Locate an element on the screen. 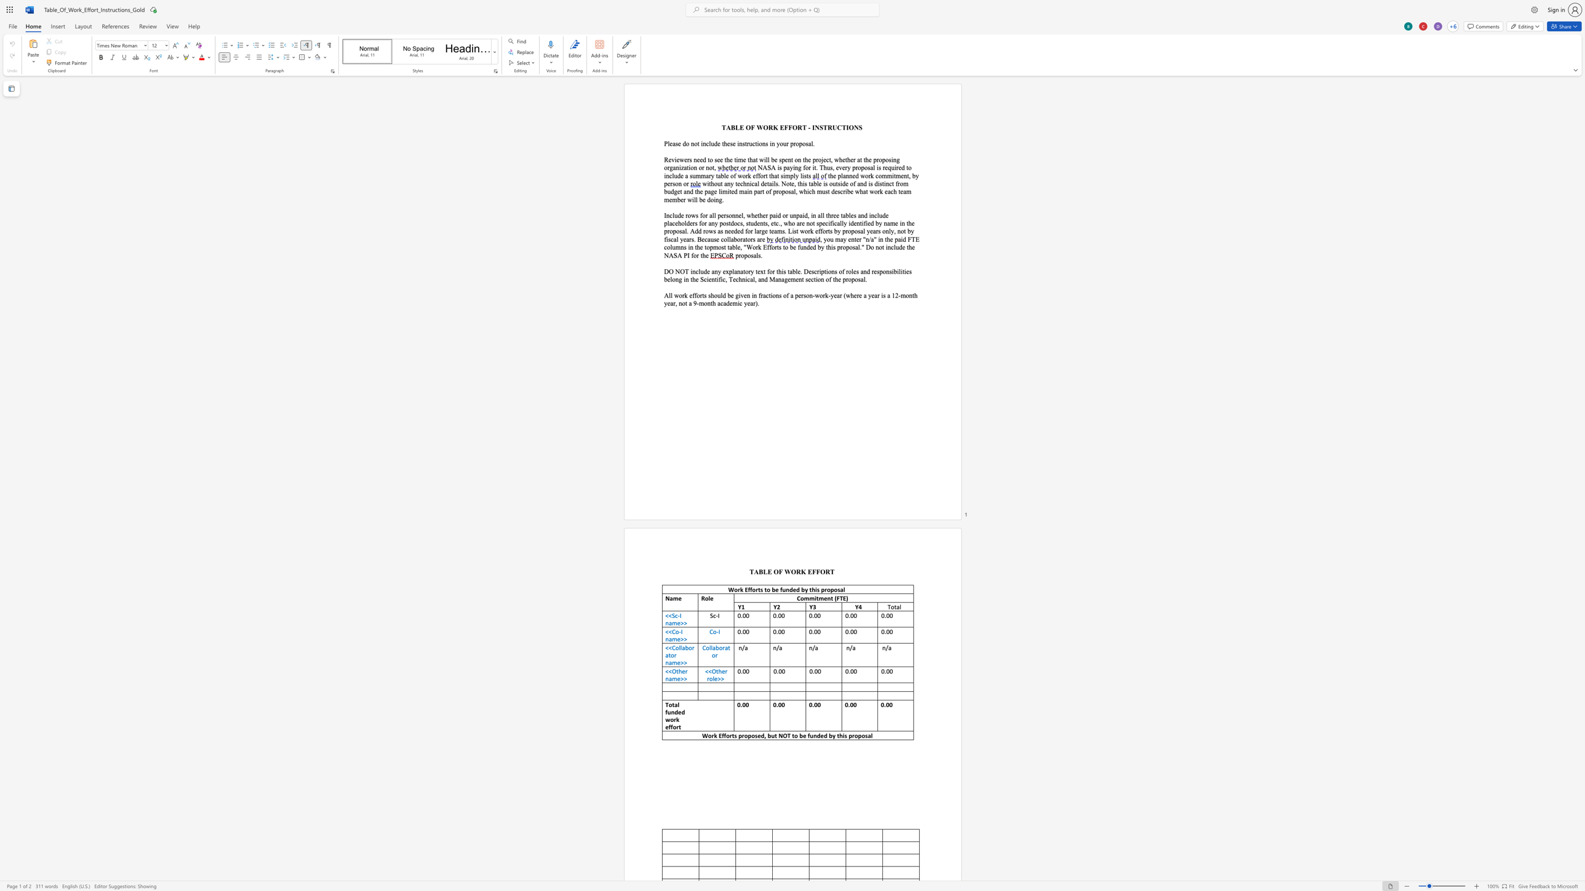 The width and height of the screenshot is (1585, 891). the space between the continuous character "N" and "A" in the text is located at coordinates (762, 167).